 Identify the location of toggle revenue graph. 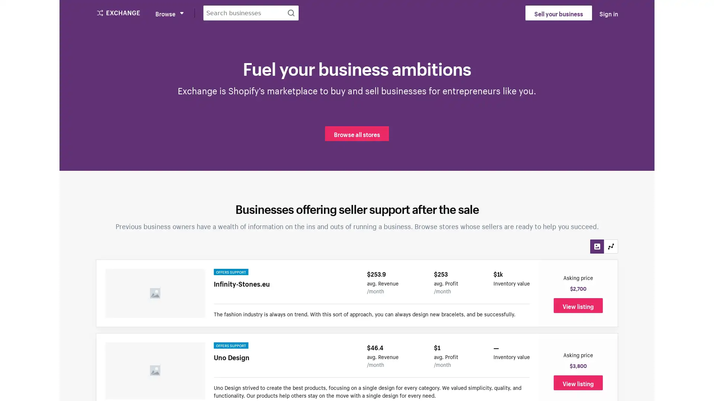
(611, 246).